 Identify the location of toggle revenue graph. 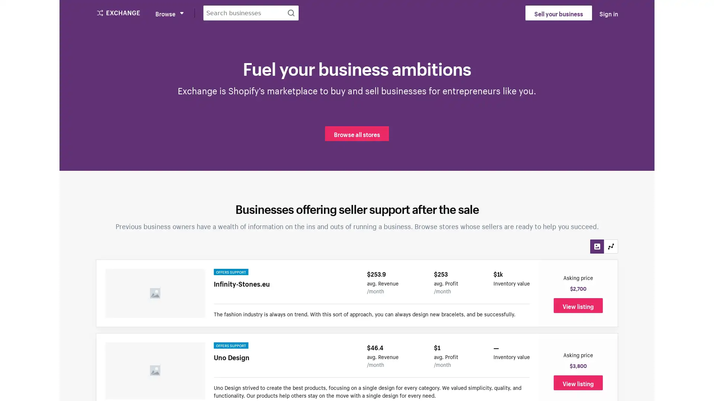
(611, 246).